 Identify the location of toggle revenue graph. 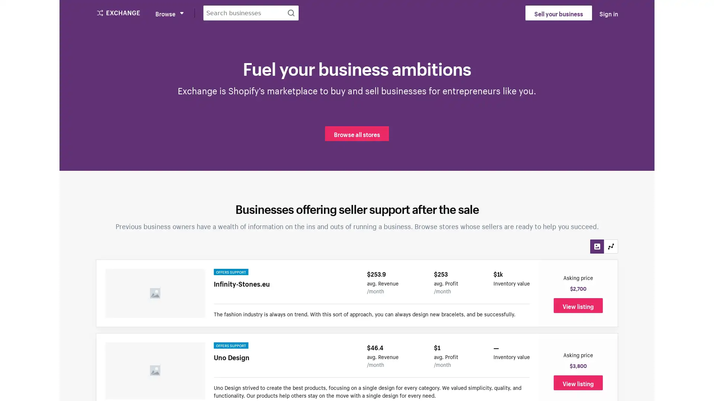
(611, 246).